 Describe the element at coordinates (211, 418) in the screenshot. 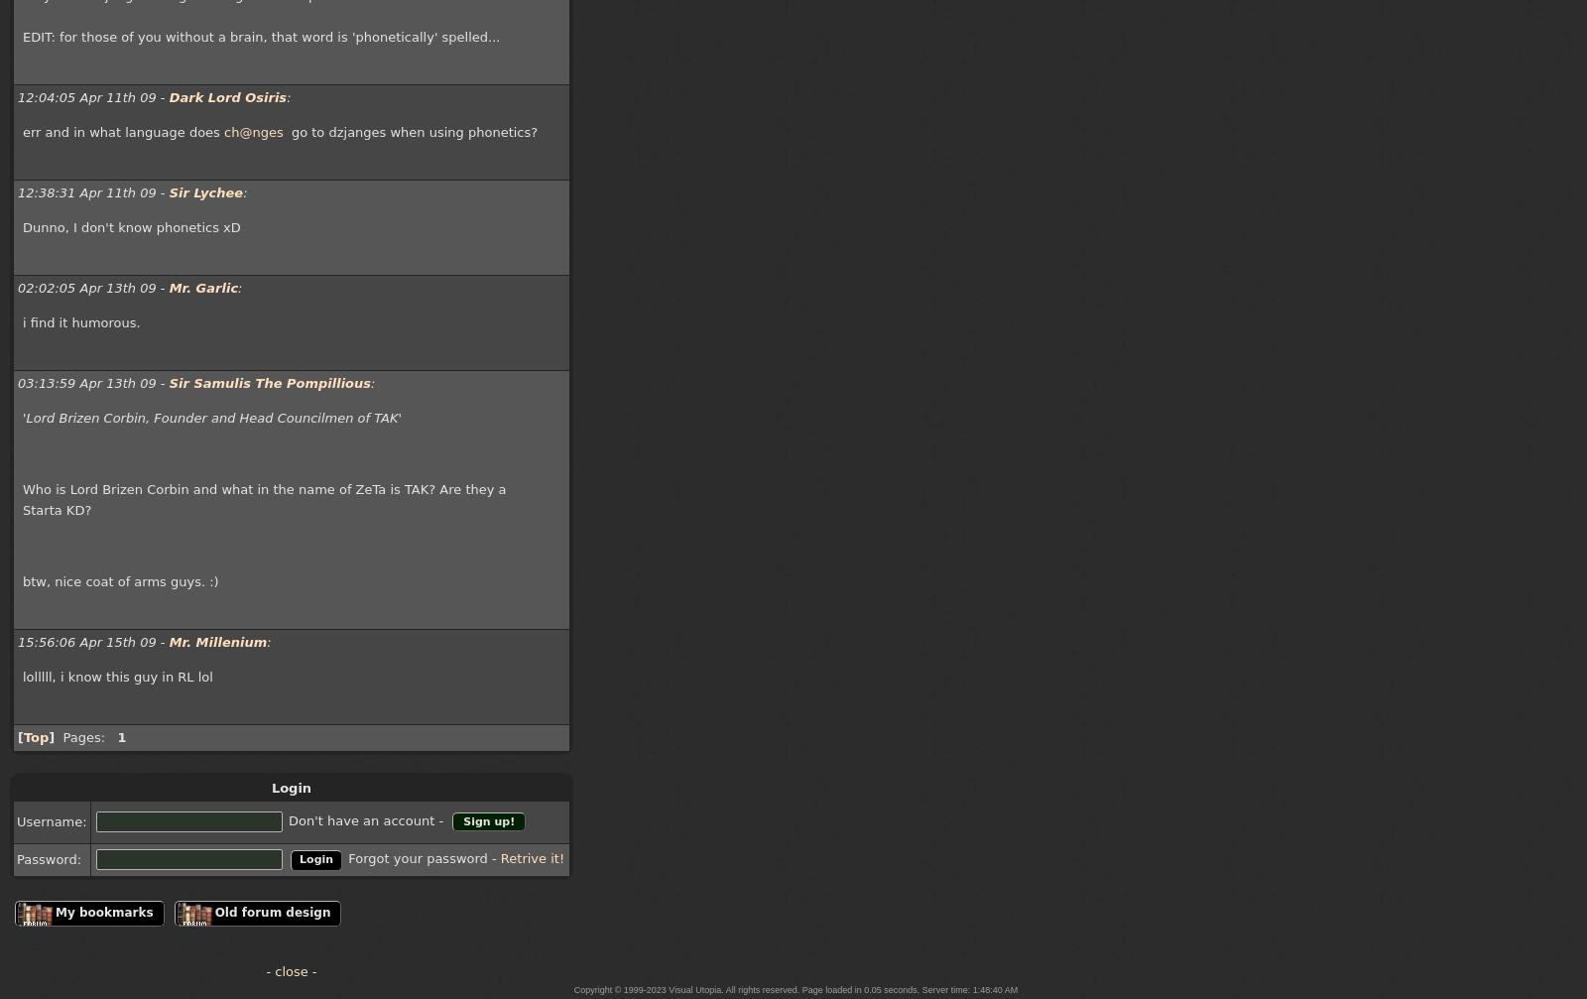

I see `''Lord Brizen Corbin, Founder and Head Councilmen of TAK''` at that location.